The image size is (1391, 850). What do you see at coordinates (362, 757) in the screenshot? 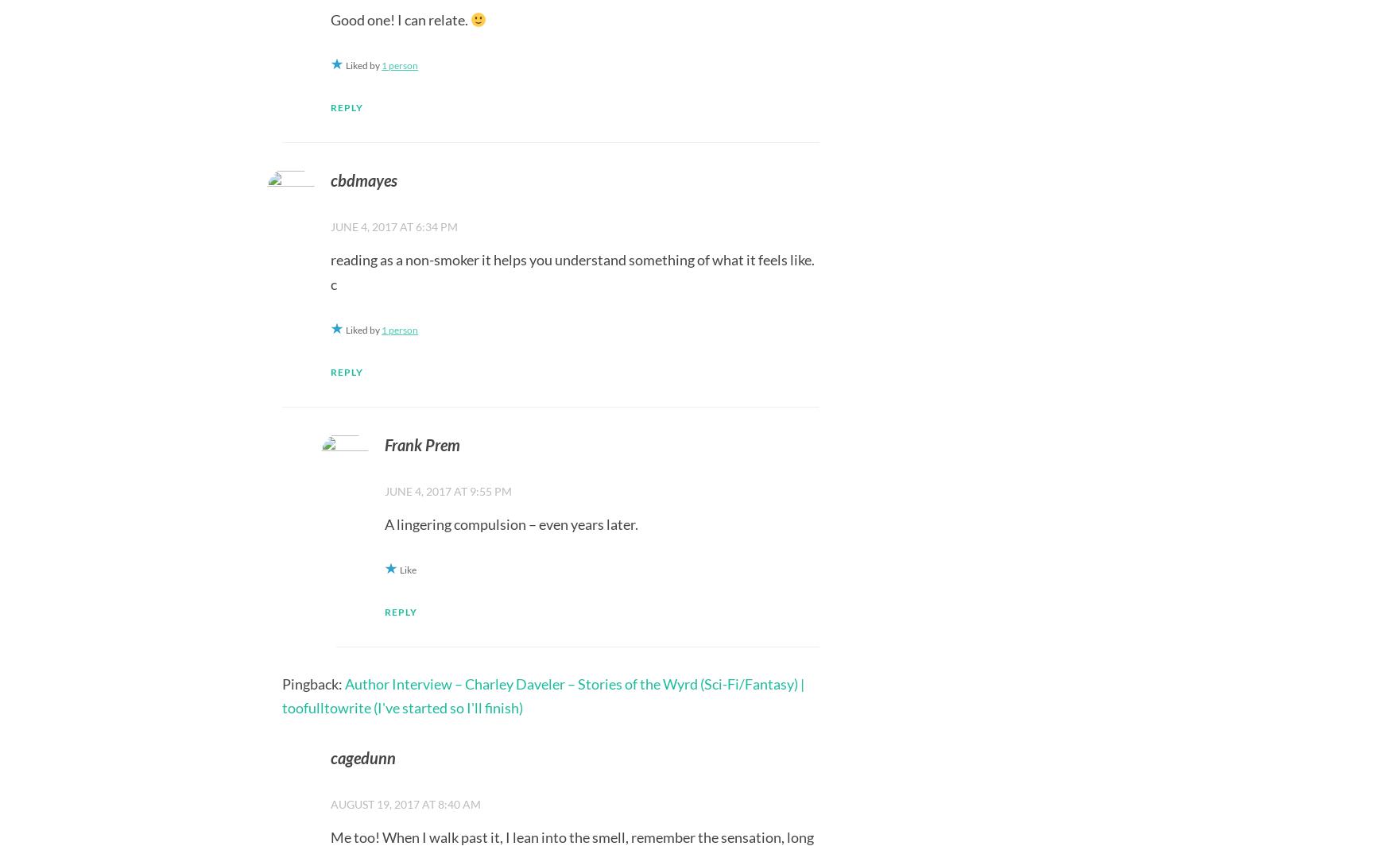
I see `'cagedunn'` at bounding box center [362, 757].